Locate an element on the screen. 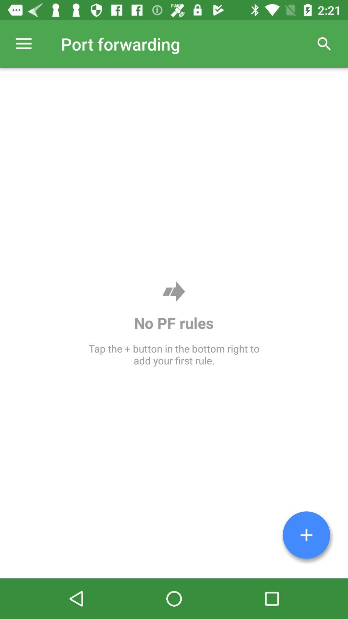 The height and width of the screenshot is (619, 348). forwarding rule is located at coordinates (306, 535).